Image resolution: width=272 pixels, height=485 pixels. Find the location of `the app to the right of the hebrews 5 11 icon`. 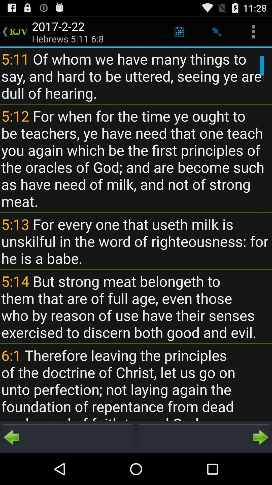

the app to the right of the hebrews 5 11 icon is located at coordinates (179, 31).